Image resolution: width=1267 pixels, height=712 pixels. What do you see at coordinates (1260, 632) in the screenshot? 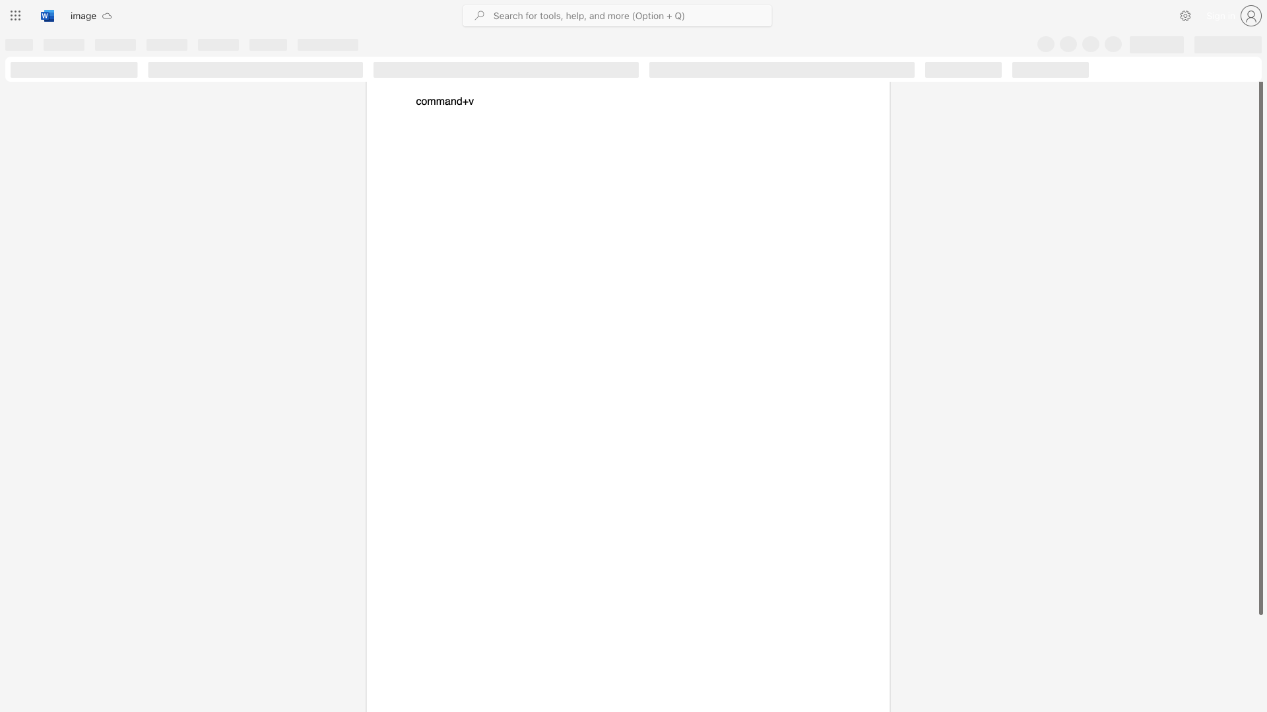
I see `the scrollbar on the right side to scroll the page down` at bounding box center [1260, 632].